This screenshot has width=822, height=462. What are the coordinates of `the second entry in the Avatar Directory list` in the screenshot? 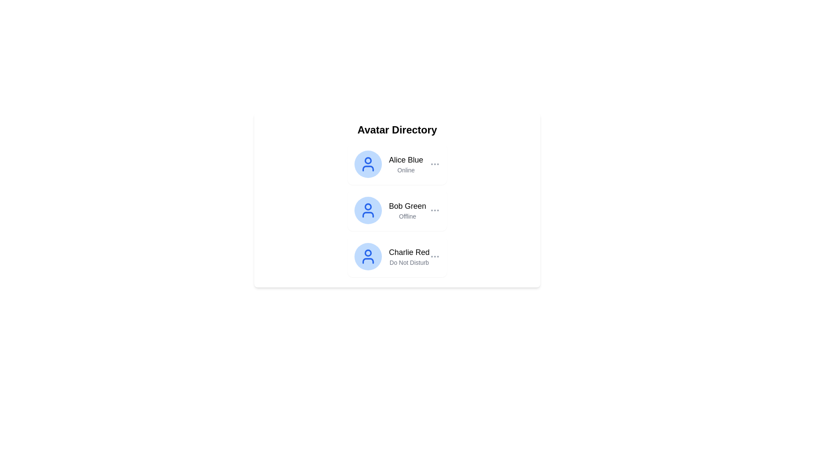 It's located at (396, 200).